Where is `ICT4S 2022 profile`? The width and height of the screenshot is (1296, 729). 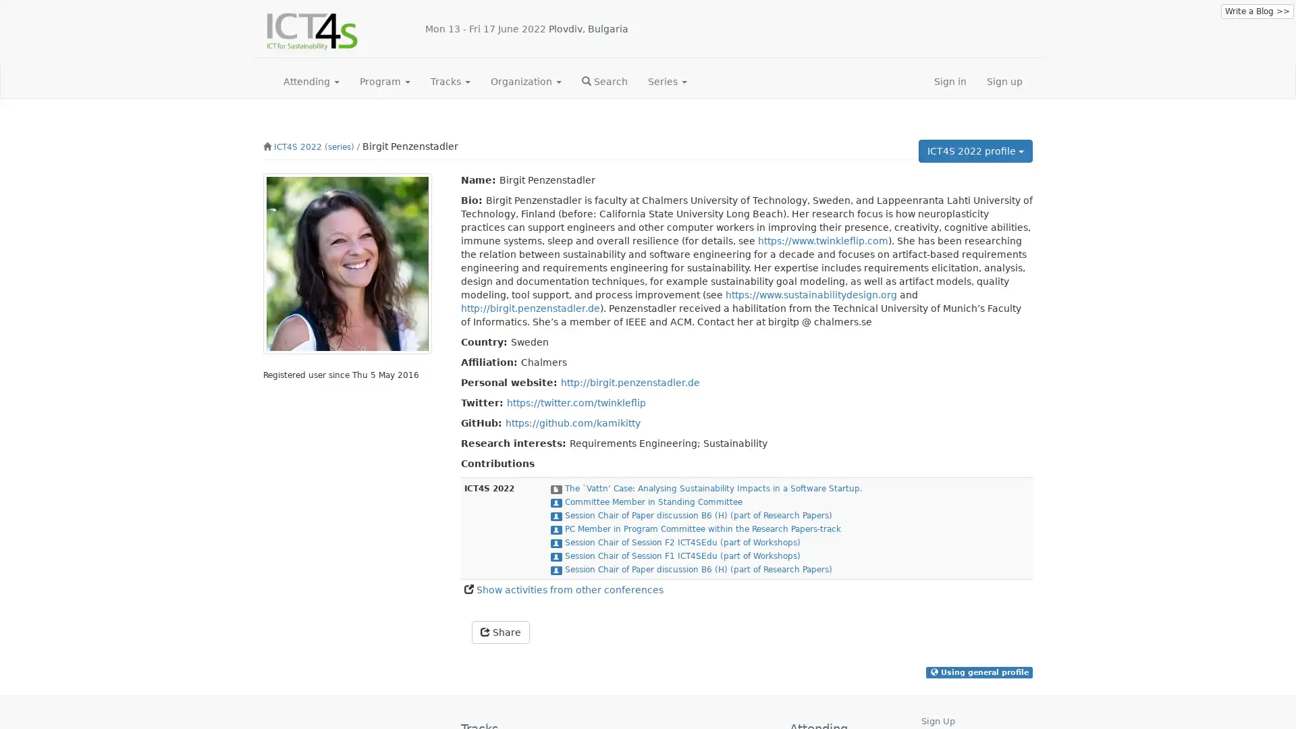
ICT4S 2022 profile is located at coordinates (975, 151).